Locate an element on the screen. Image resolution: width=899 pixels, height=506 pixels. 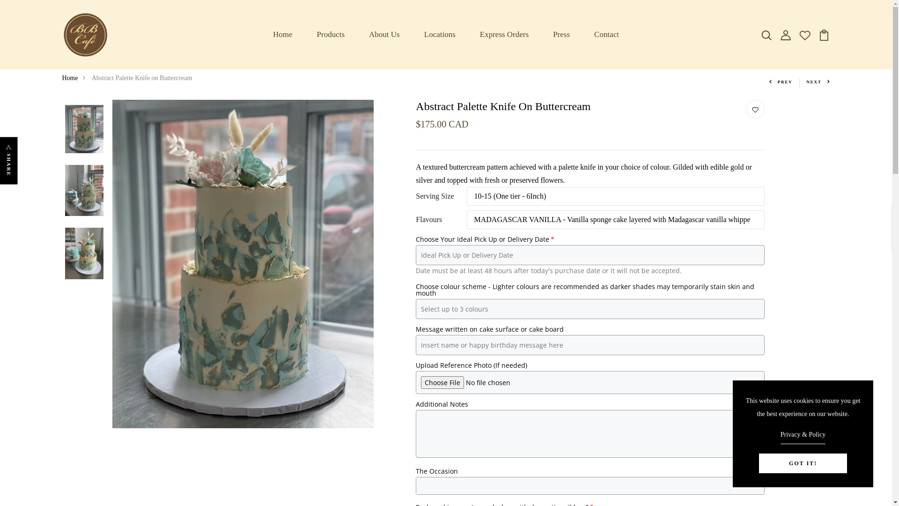
'Home' is located at coordinates (269, 34).